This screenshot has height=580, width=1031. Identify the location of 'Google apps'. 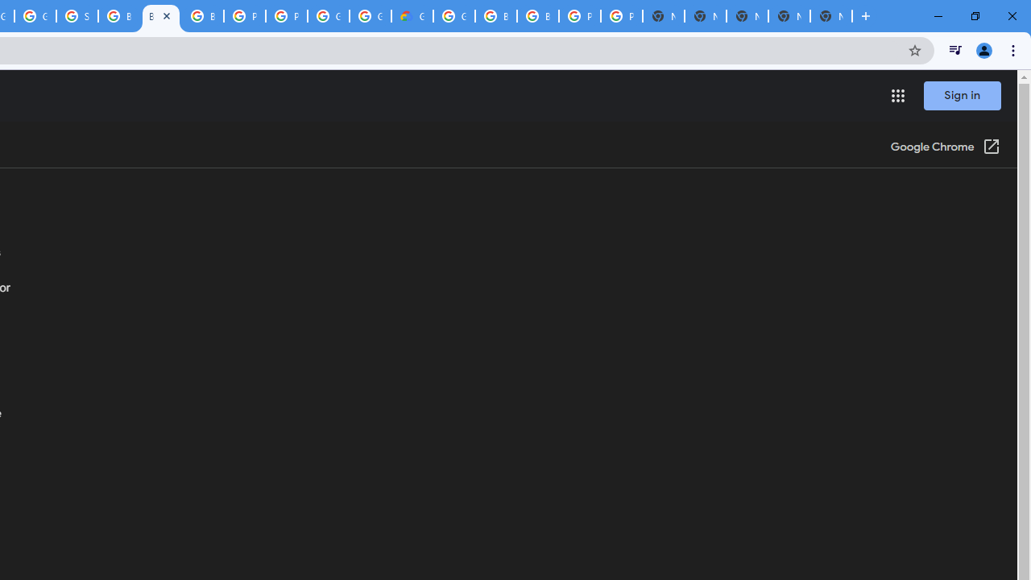
(896, 96).